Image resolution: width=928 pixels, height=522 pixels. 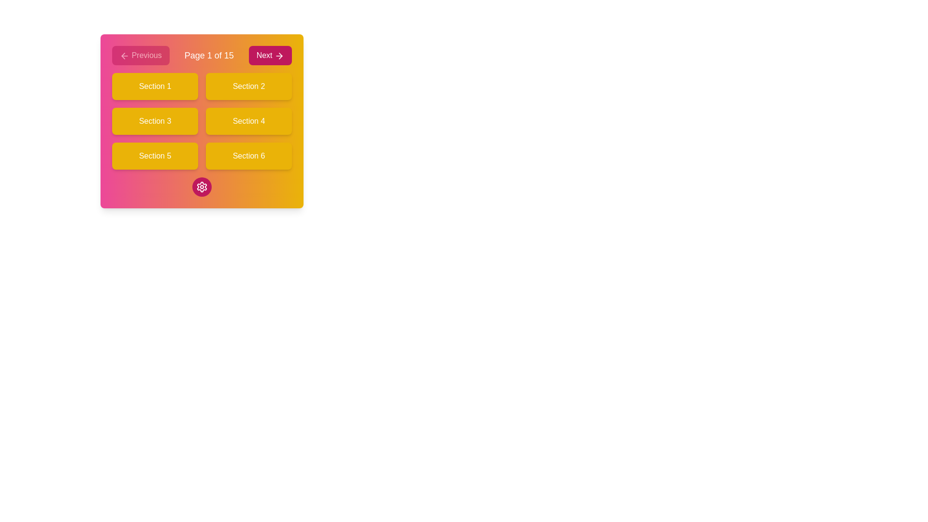 What do you see at coordinates (280, 56) in the screenshot?
I see `the arrow icon of the 'Next' button located in the top-right section of the interface` at bounding box center [280, 56].